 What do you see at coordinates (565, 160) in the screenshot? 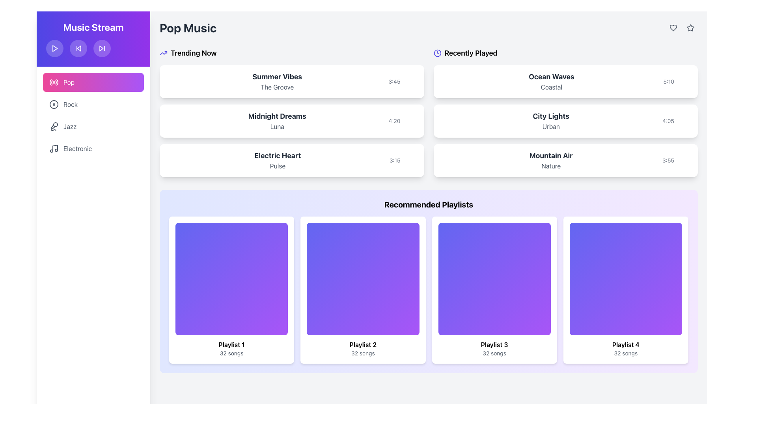
I see `the clickable interactive card for the track 'Mountain Air' in the 'Recently Played' section` at bounding box center [565, 160].